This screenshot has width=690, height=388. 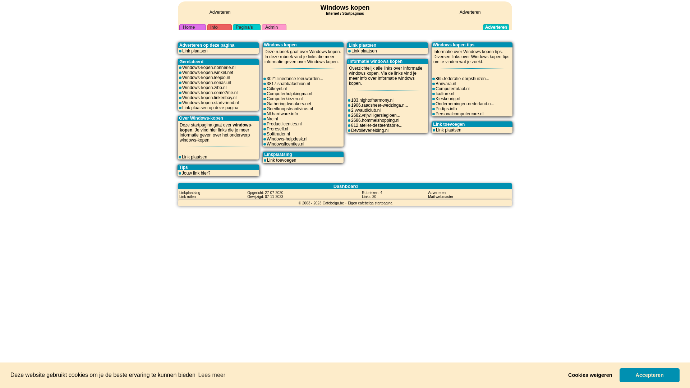 What do you see at coordinates (267, 160) in the screenshot?
I see `'Link toevoegen'` at bounding box center [267, 160].